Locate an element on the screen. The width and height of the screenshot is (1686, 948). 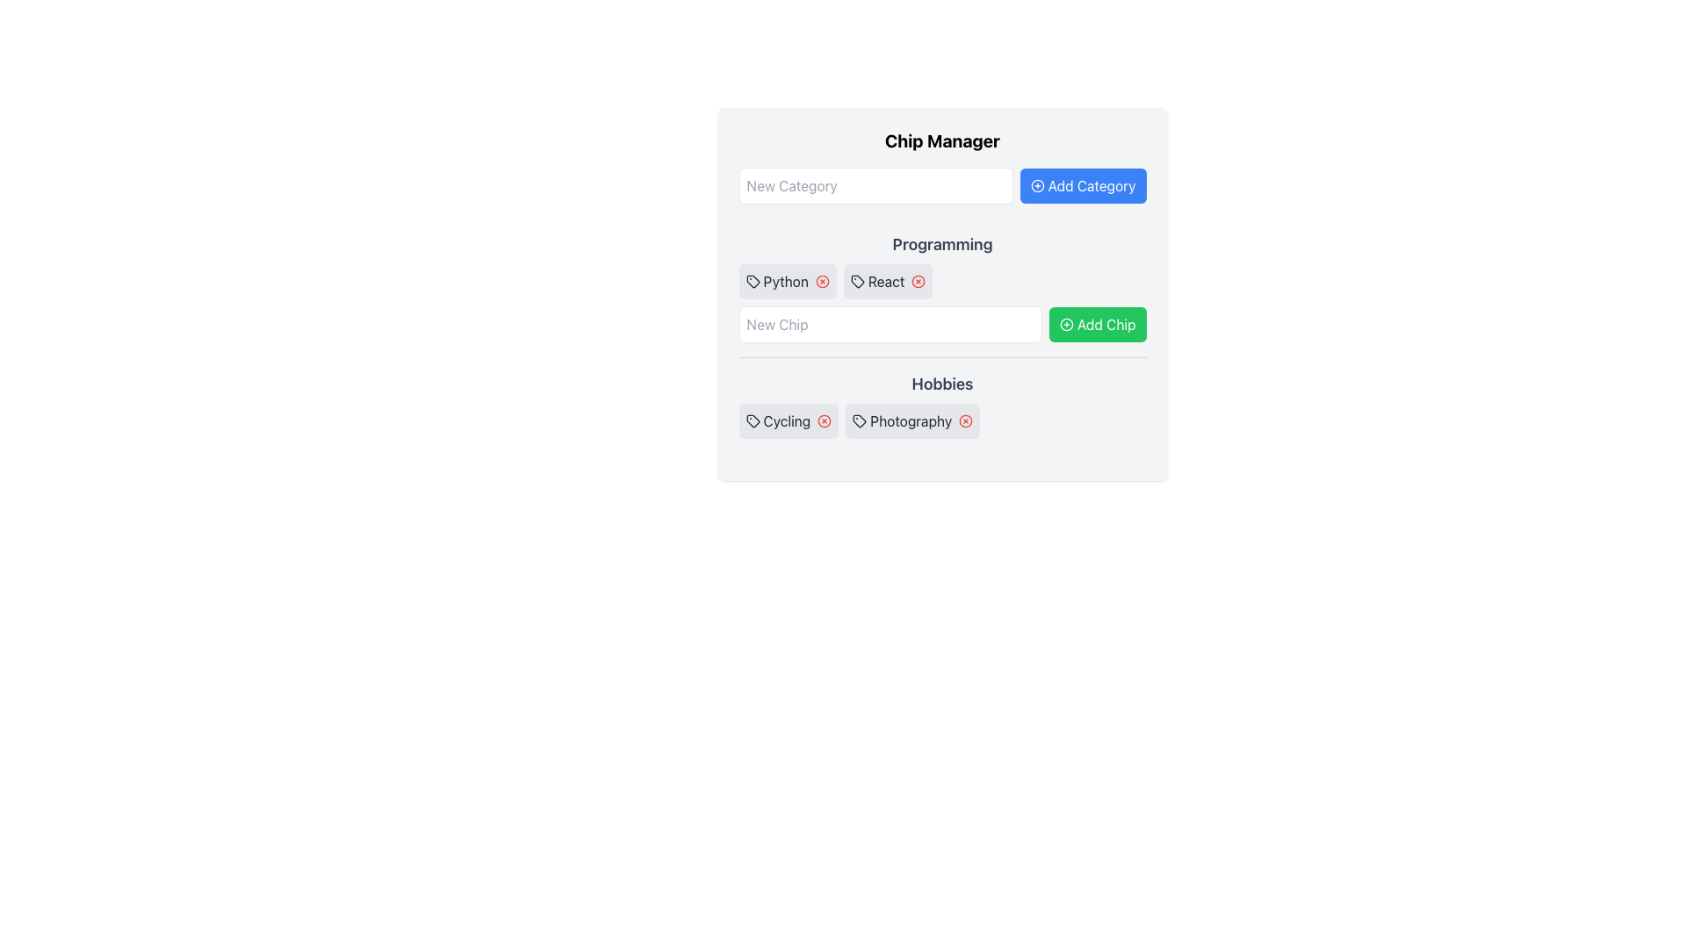
the gray tag-shaped icon with rounded edges that is associated with the label 'Photography' in the 'Hobbies' row is located at coordinates (860, 420).